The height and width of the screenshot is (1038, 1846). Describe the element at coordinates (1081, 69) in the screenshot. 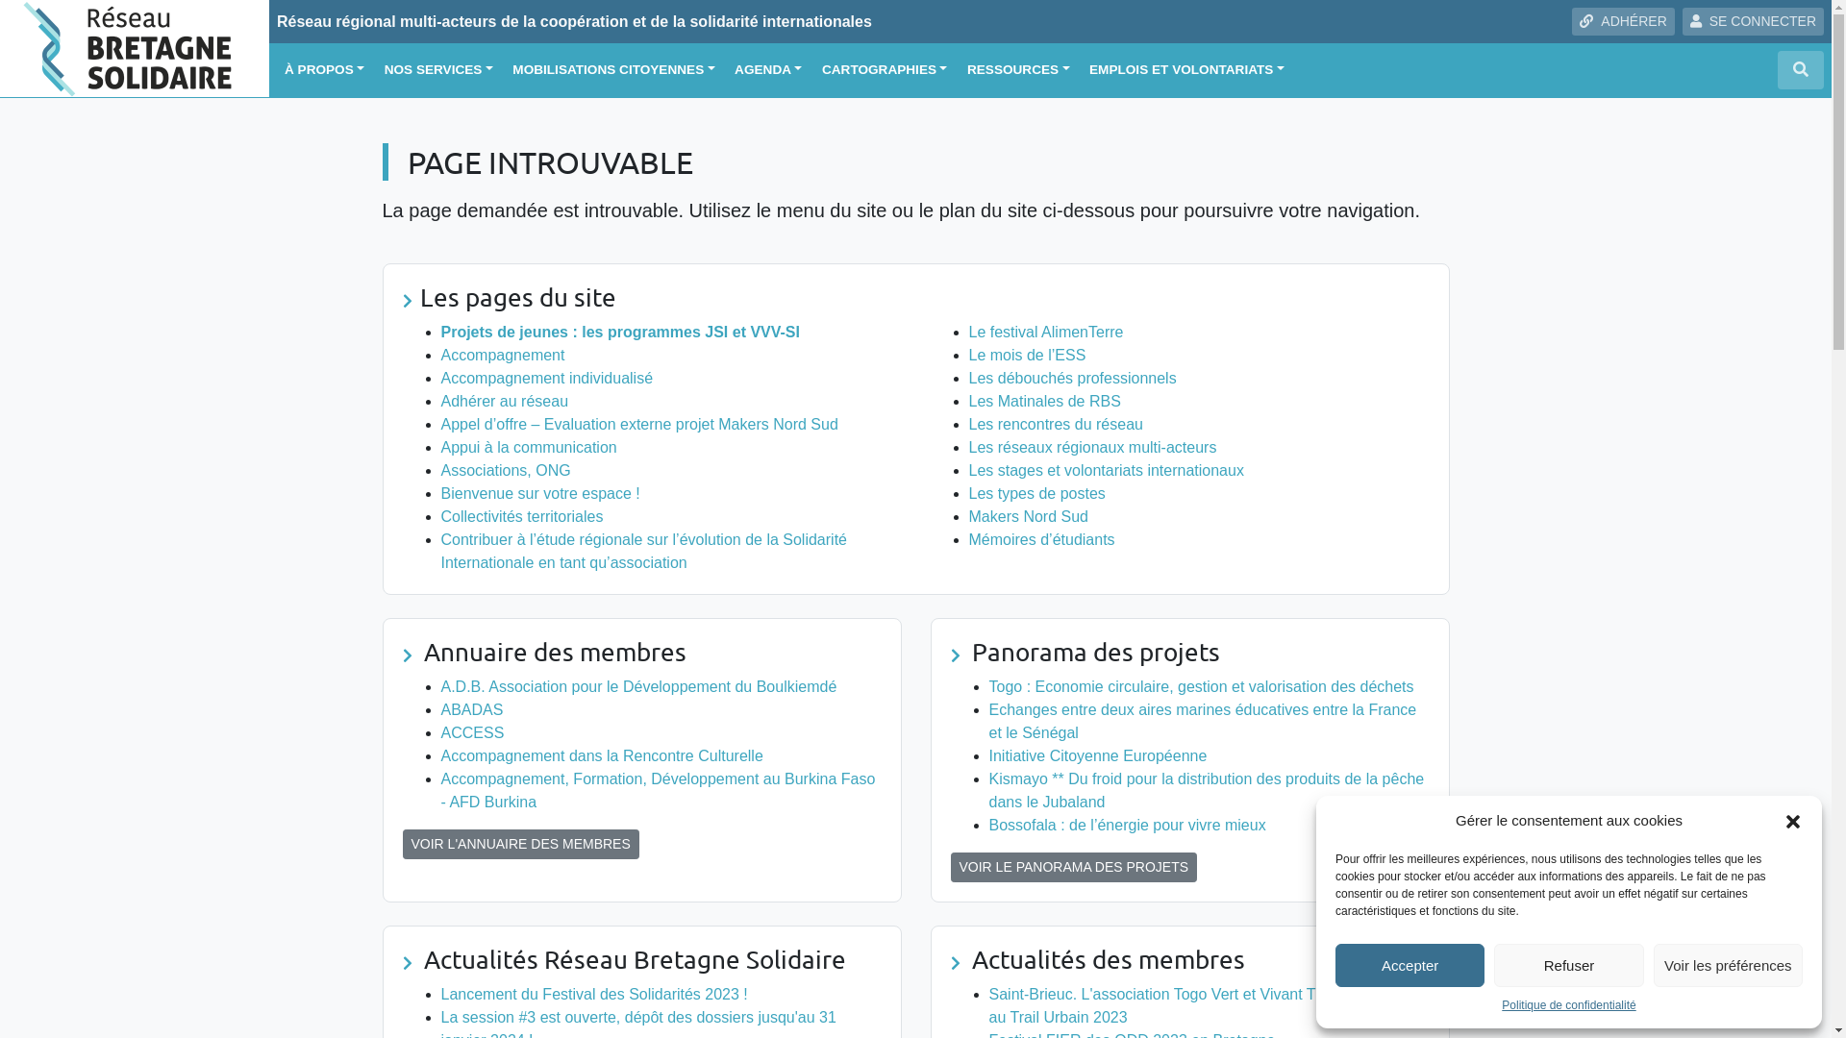

I see `'EMPLOIS ET VOLONTARIATS'` at that location.